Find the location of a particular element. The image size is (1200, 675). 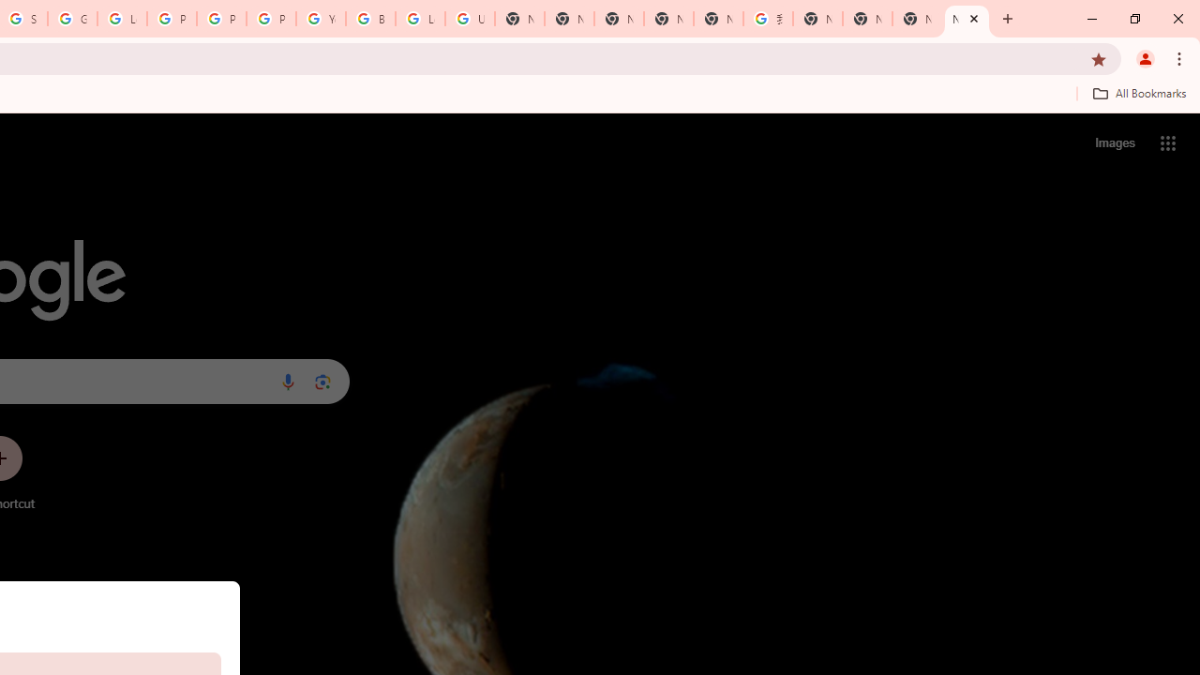

'Privacy Help Center - Policies Help' is located at coordinates (172, 19).